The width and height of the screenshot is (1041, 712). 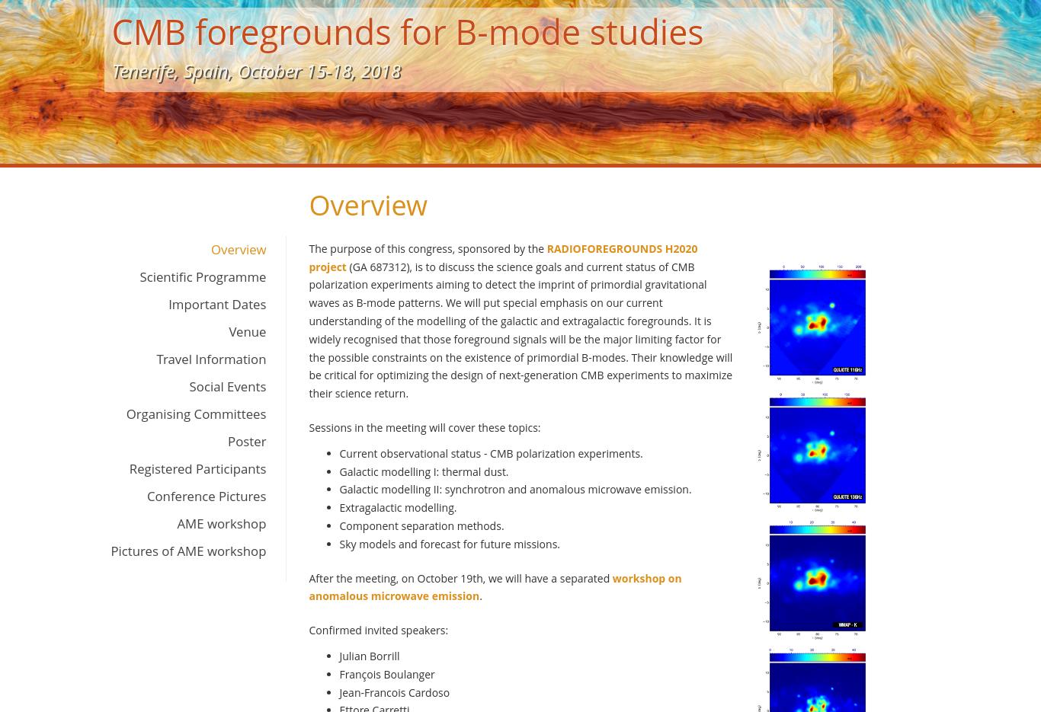 I want to click on 'Poster', so click(x=247, y=441).